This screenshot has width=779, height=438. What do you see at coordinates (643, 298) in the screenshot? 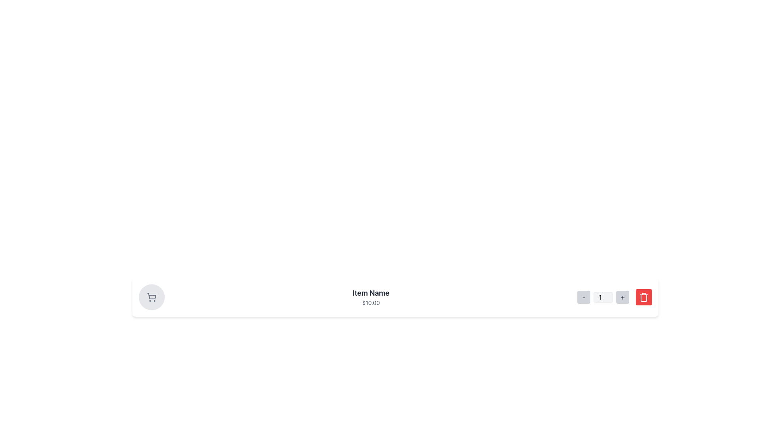
I see `the trash bin body icon, which is visually represented as the main component of the trash bin and is positioned between the top edge and the lid of the bin` at bounding box center [643, 298].